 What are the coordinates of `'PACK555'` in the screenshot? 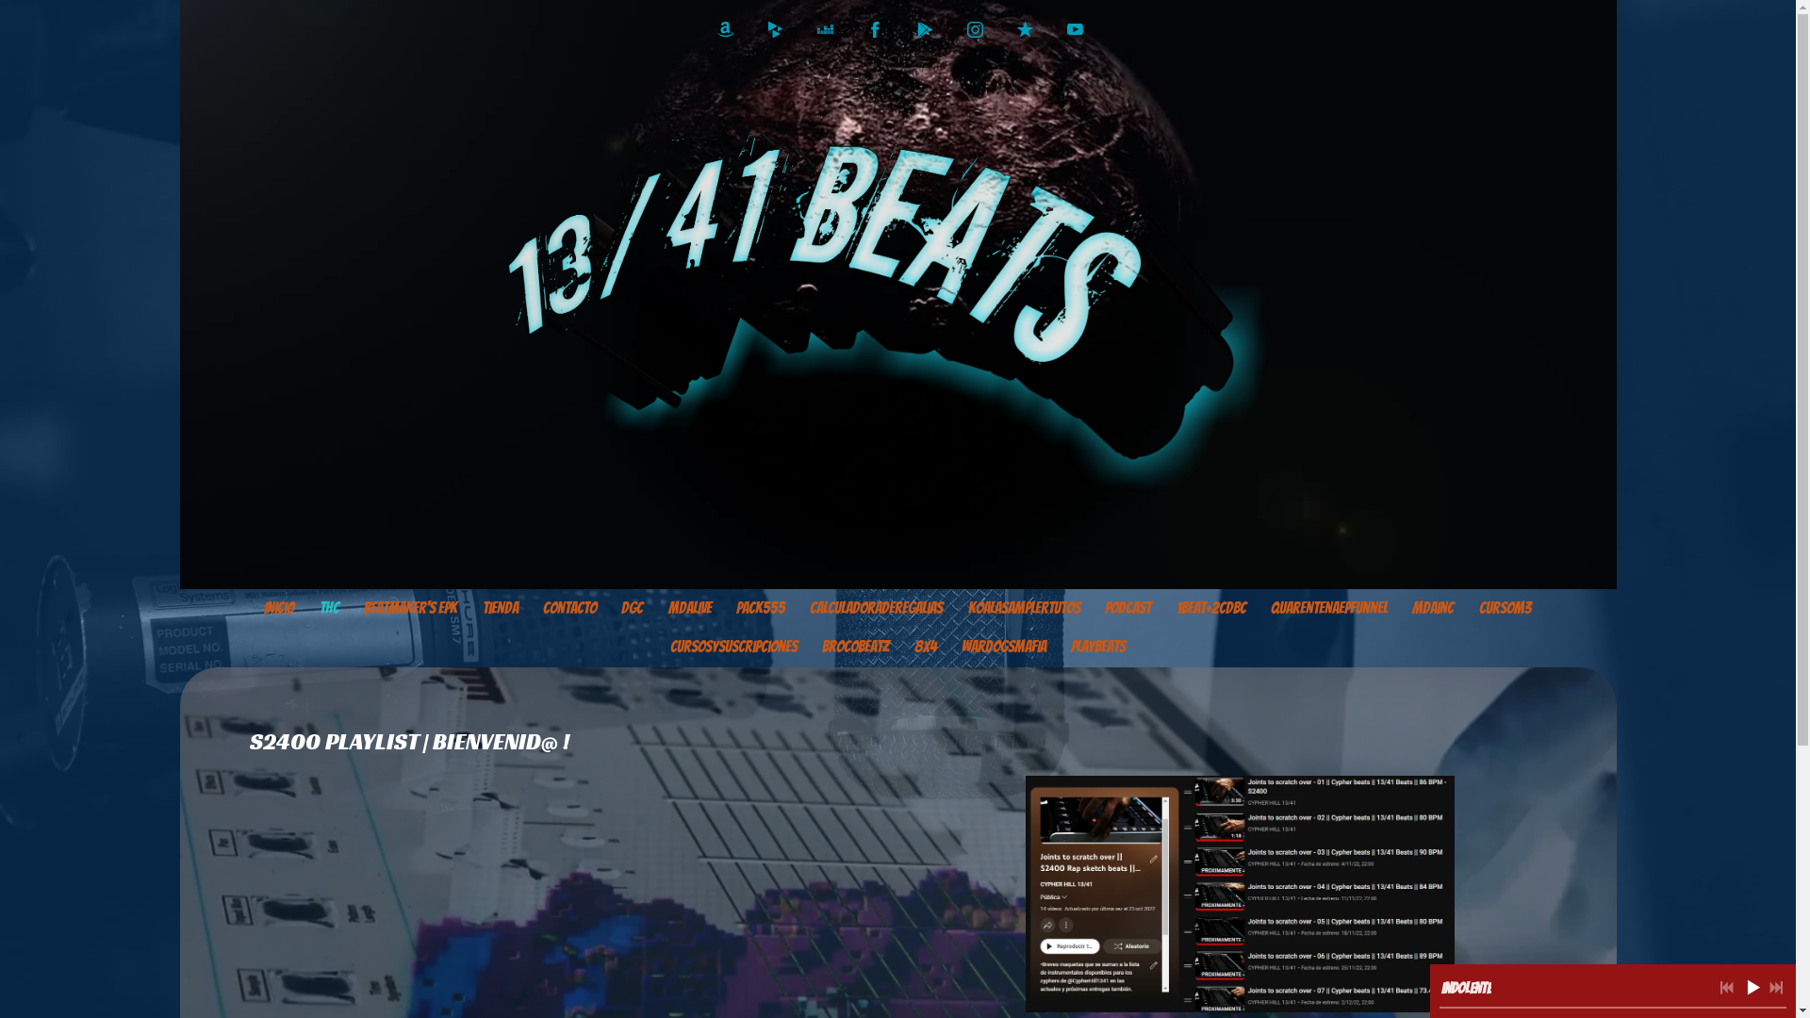 It's located at (760, 608).